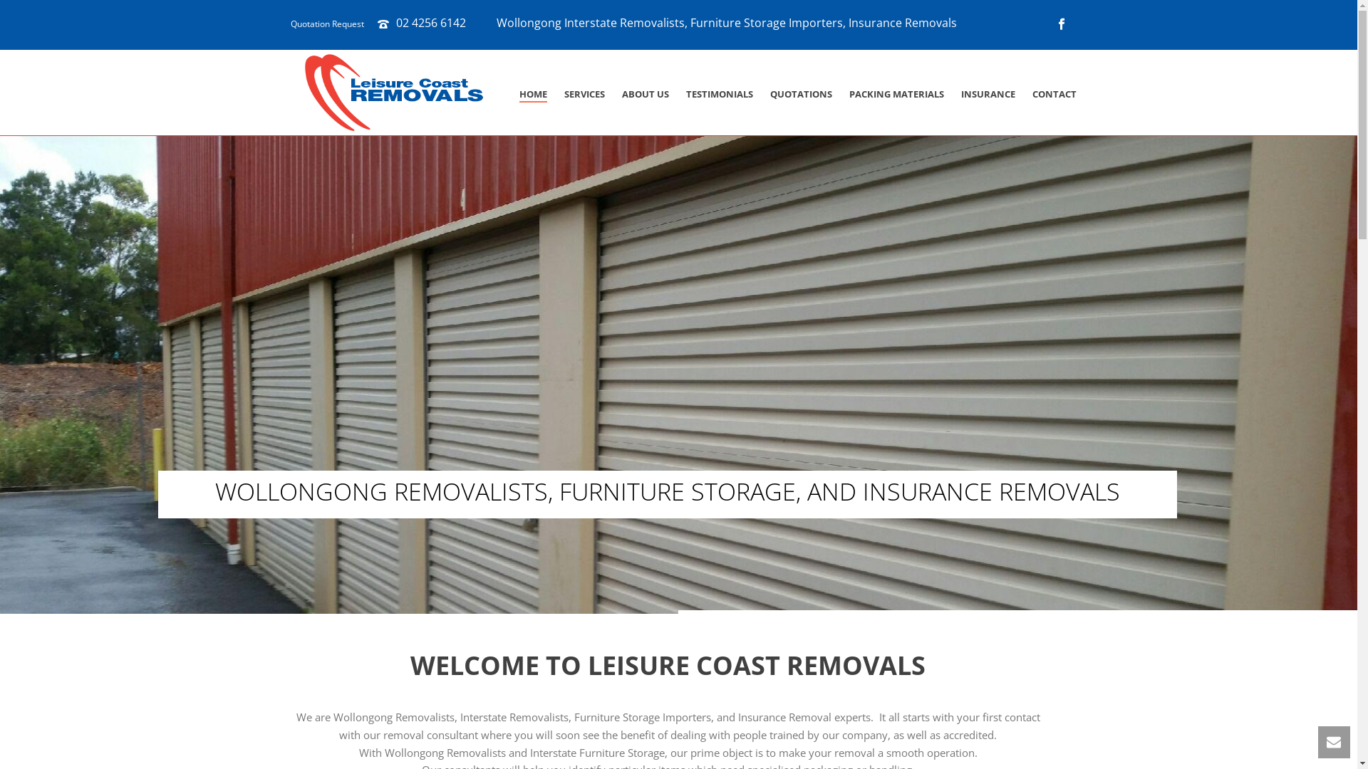 This screenshot has height=769, width=1368. I want to click on 'QUOTATIONS', so click(760, 93).